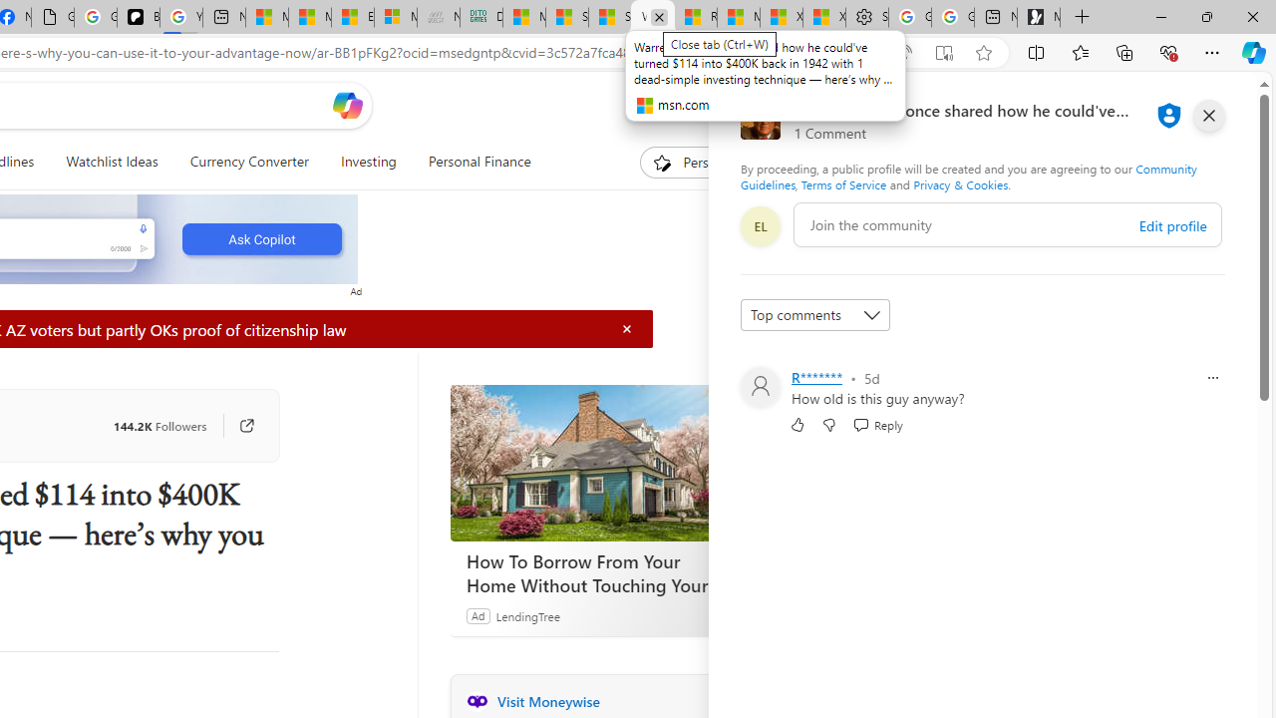 This screenshot has width=1276, height=718. What do you see at coordinates (111, 162) in the screenshot?
I see `'Watchlist Ideas'` at bounding box center [111, 162].